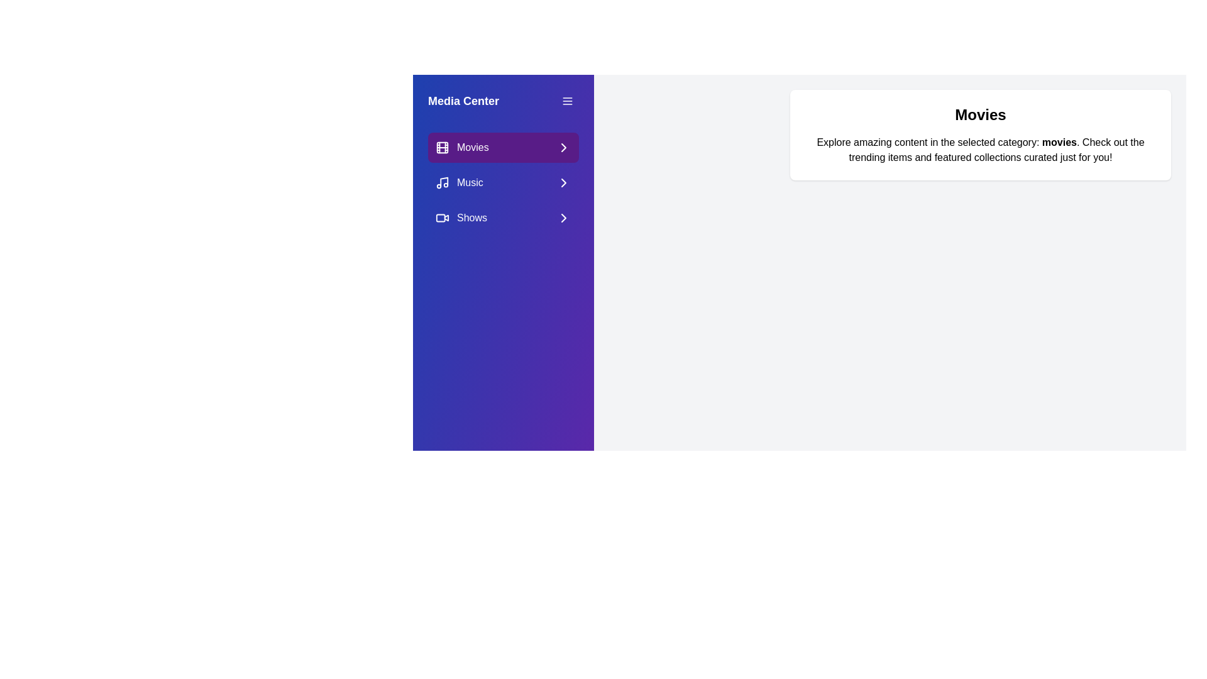  What do you see at coordinates (471, 218) in the screenshot?
I see `the 'Shows' category text label in the vertical navigation menu` at bounding box center [471, 218].